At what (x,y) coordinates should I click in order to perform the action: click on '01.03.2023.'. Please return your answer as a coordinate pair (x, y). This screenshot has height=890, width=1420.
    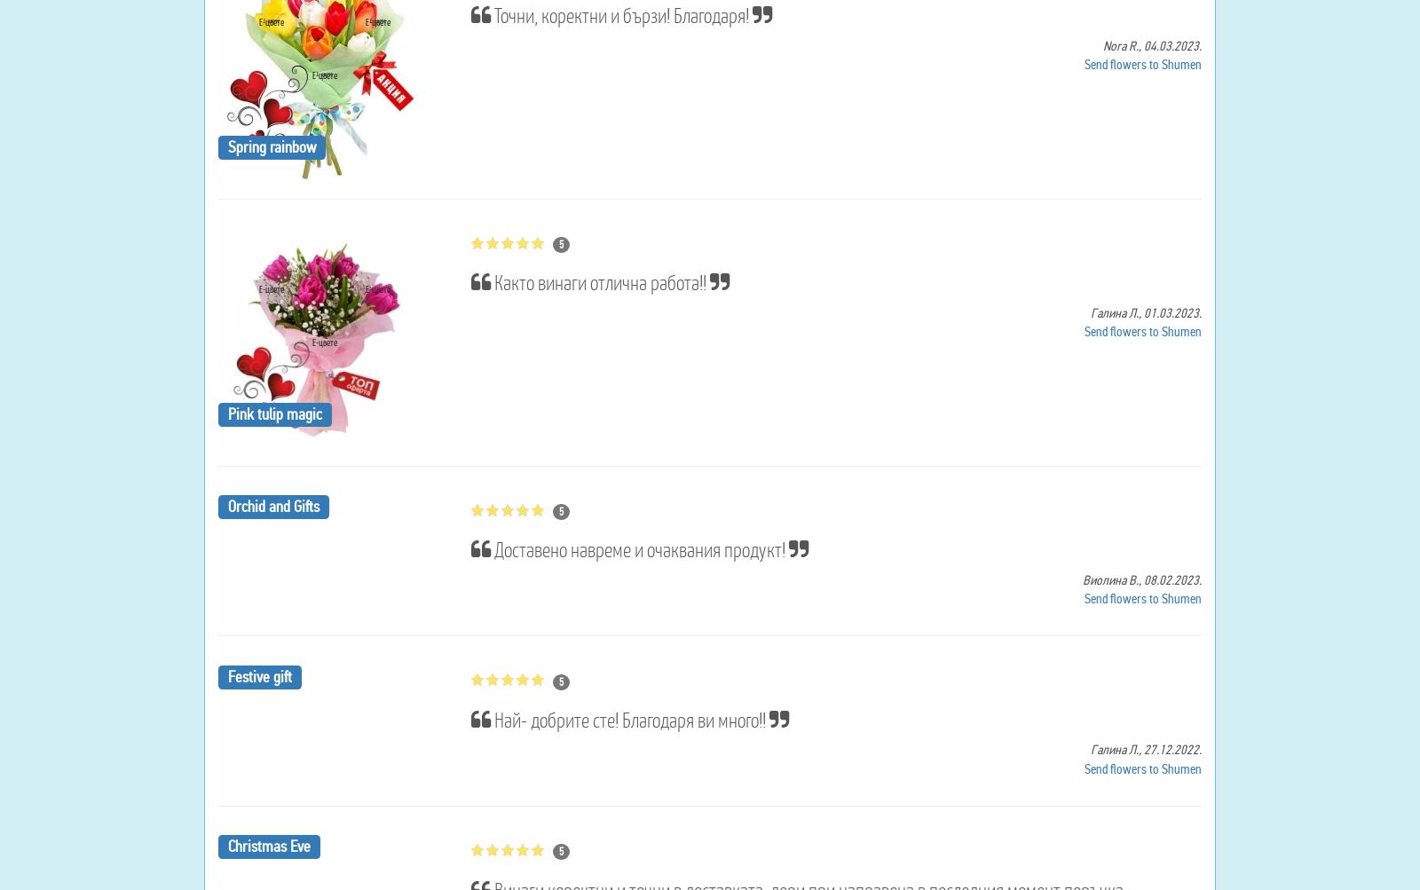
    Looking at the image, I should click on (1142, 311).